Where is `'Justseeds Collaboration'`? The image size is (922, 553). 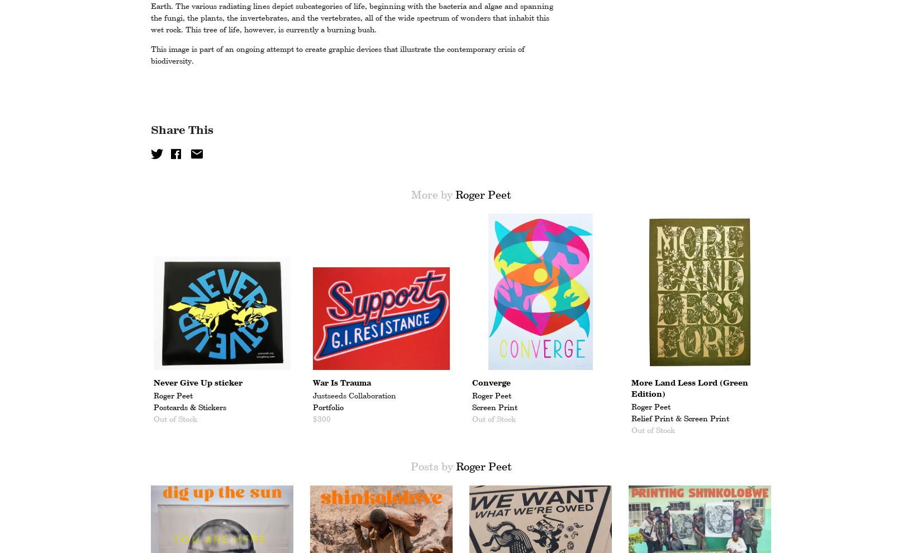 'Justseeds Collaboration' is located at coordinates (354, 396).